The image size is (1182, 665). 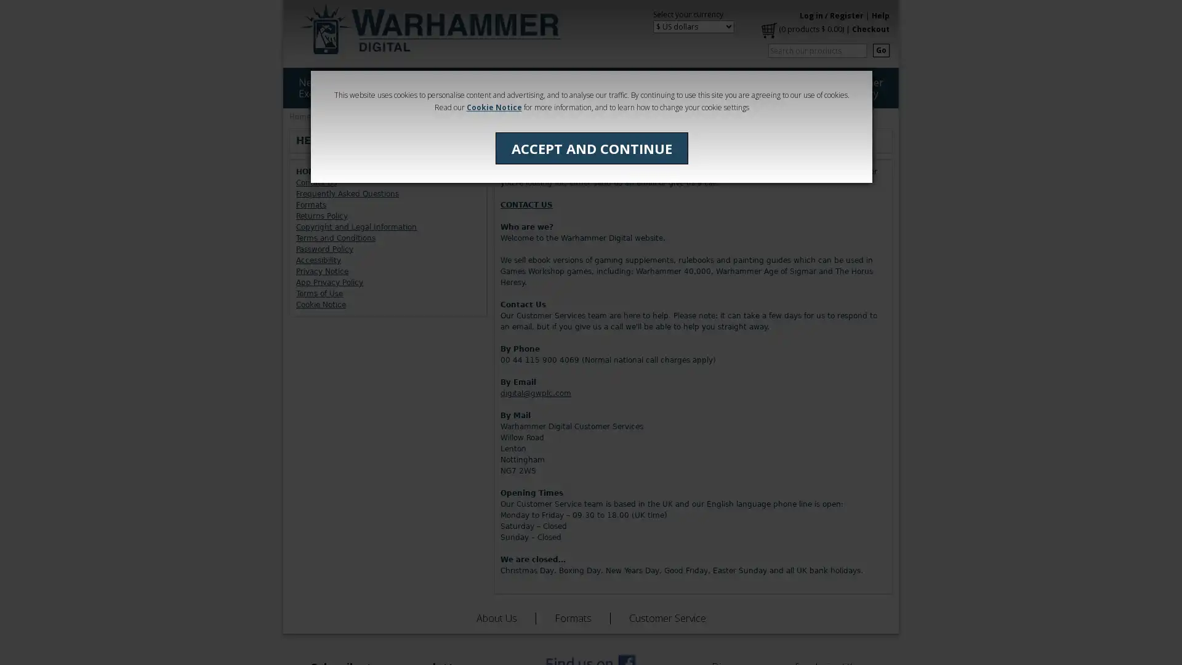 What do you see at coordinates (591, 147) in the screenshot?
I see `ACCEPT AND CONTINUE` at bounding box center [591, 147].